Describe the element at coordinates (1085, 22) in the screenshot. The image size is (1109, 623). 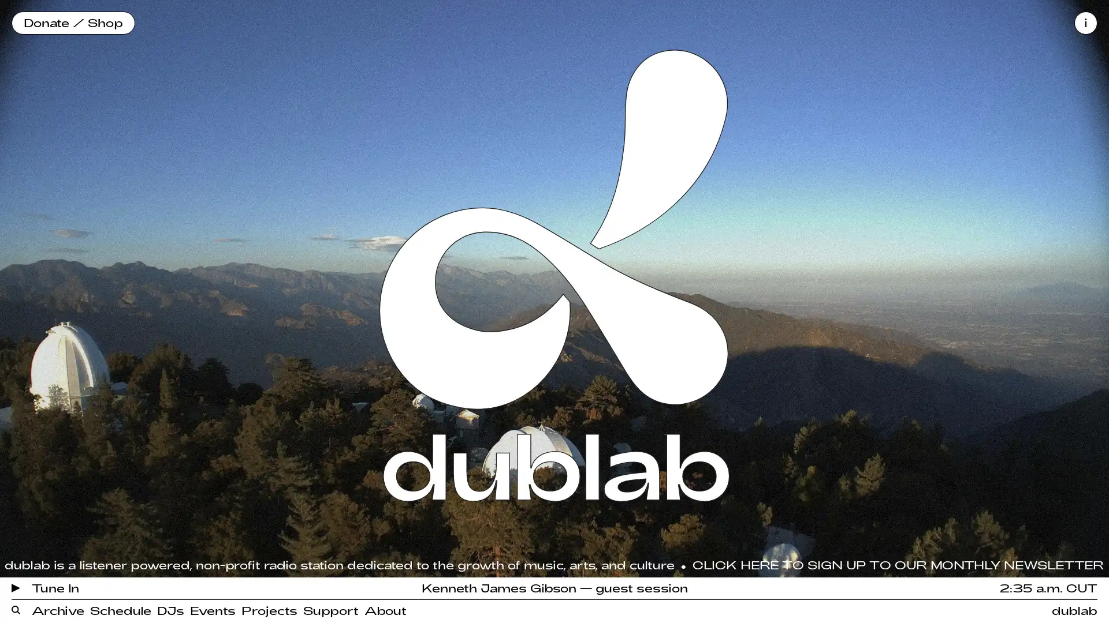
I see `i` at that location.